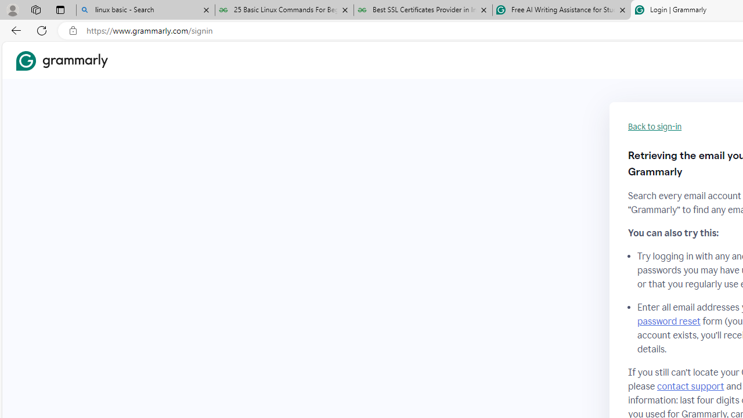 Image resolution: width=743 pixels, height=418 pixels. Describe the element at coordinates (690, 386) in the screenshot. I see `'contact support'` at that location.